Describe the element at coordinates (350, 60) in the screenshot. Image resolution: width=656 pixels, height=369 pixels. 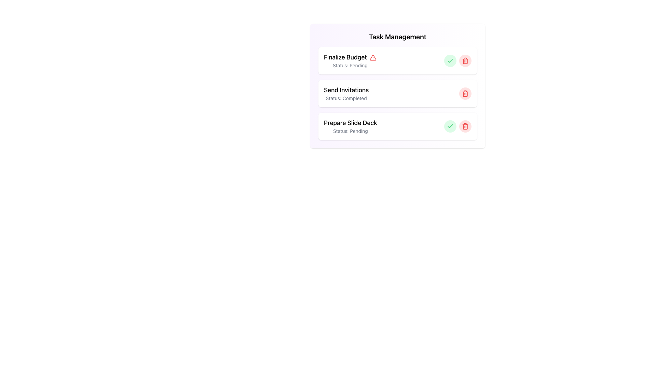
I see `task title from the first list item in the task management interface, which displays the task's details and its pending status` at that location.